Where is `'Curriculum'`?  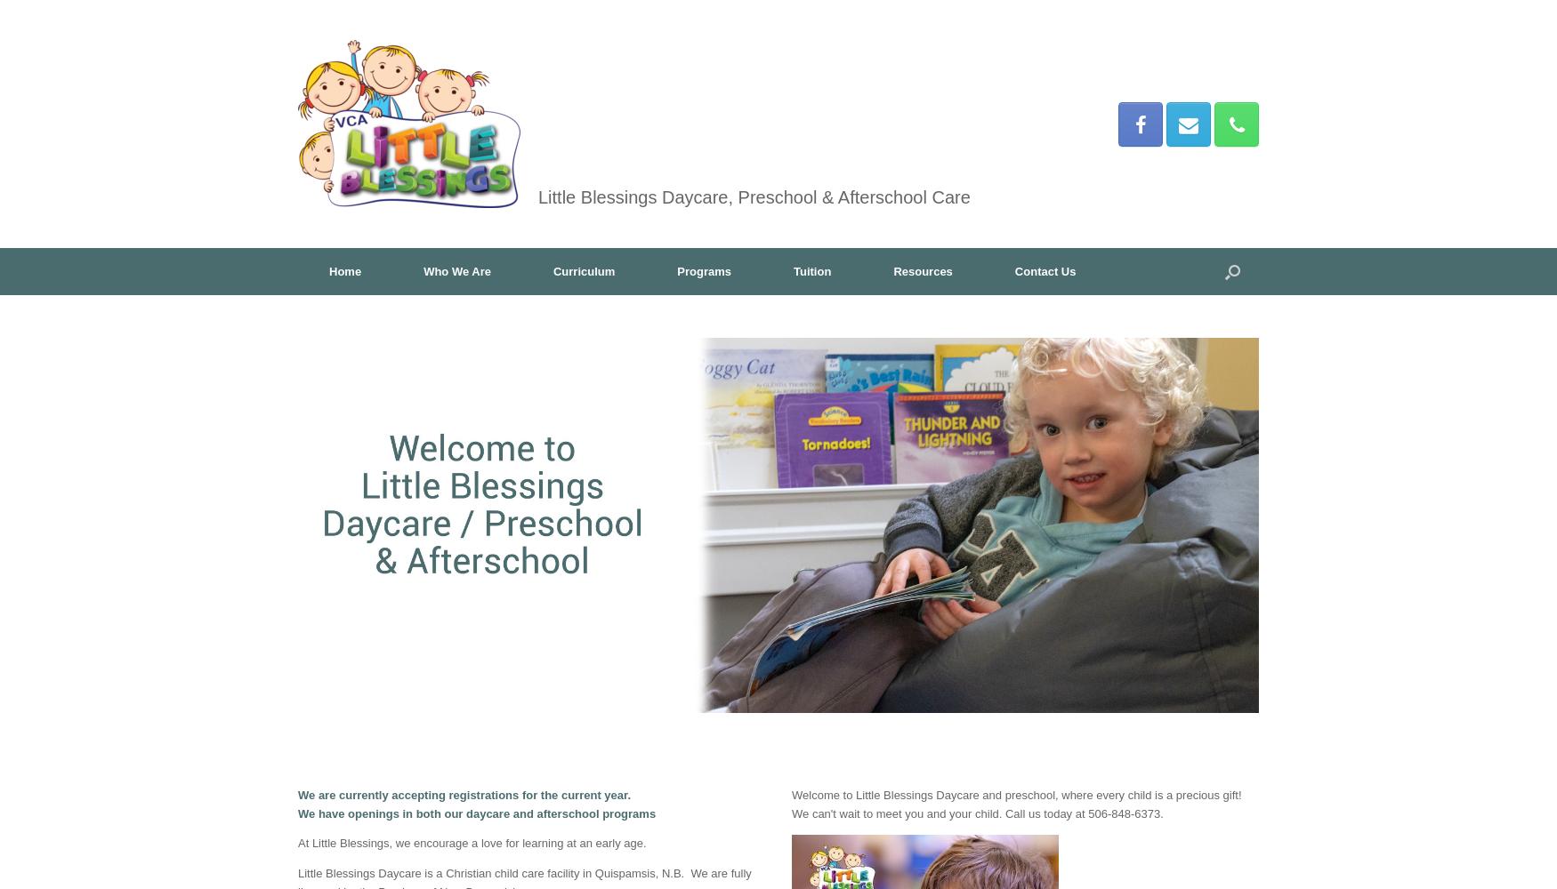 'Curriculum' is located at coordinates (583, 271).